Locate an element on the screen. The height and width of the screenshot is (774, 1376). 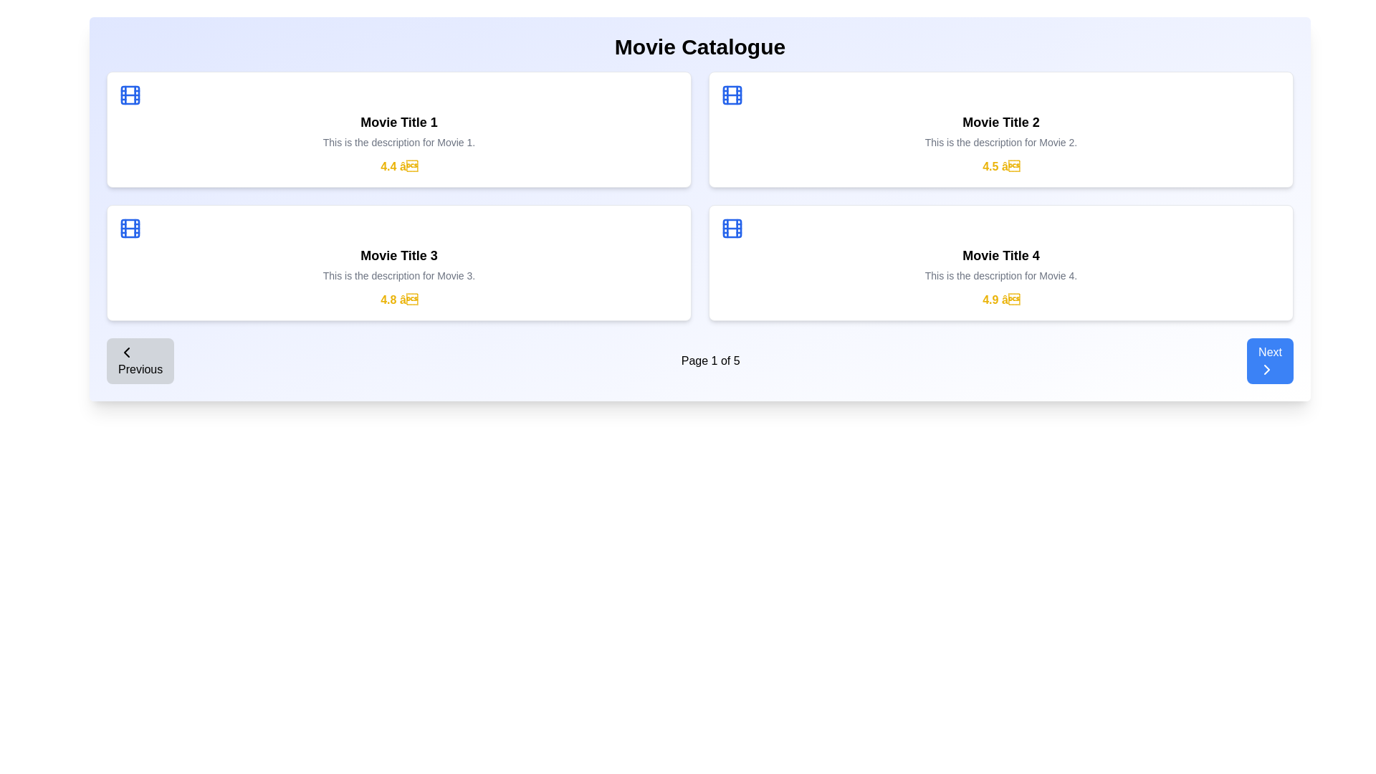
the movie icon located in the upper-left corner of the 'Movie Title 4' card, which is positioned in the bottom-right quadrant of the grid layout is located at coordinates (732, 228).